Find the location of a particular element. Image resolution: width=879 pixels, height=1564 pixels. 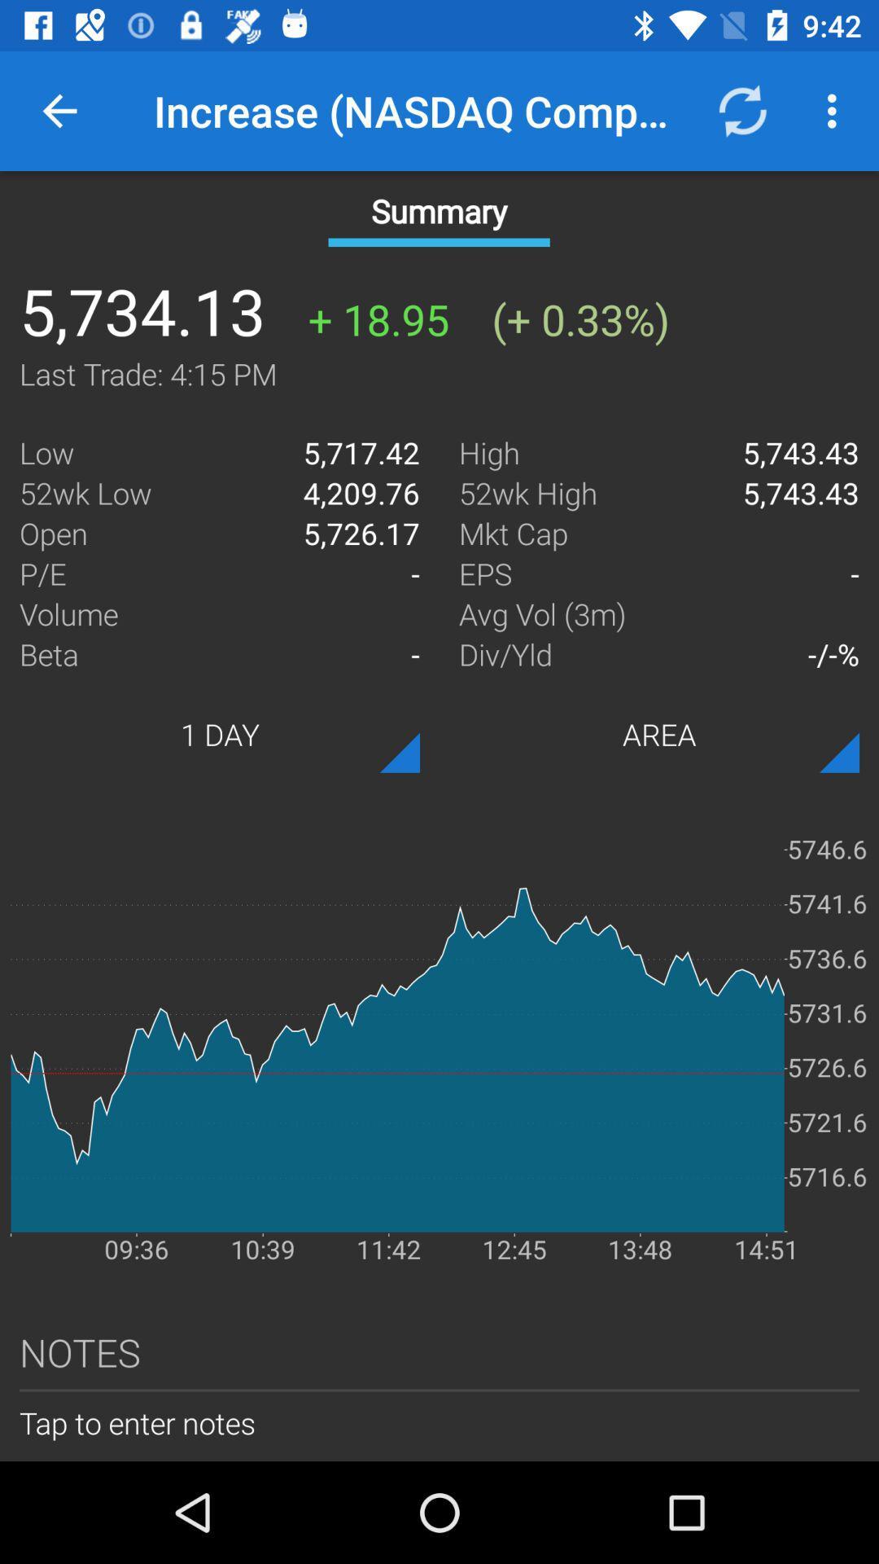

the item to the left of the increase (nasdaq composite) icon is located at coordinates (59, 110).